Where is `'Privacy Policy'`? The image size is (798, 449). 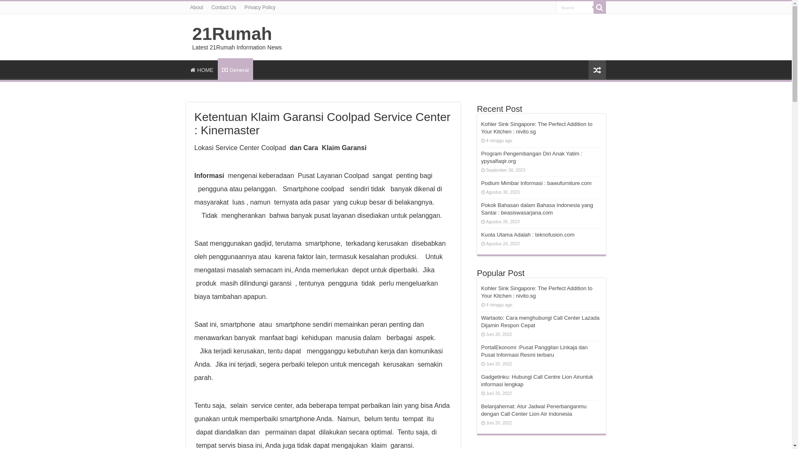
'Privacy Policy' is located at coordinates (259, 7).